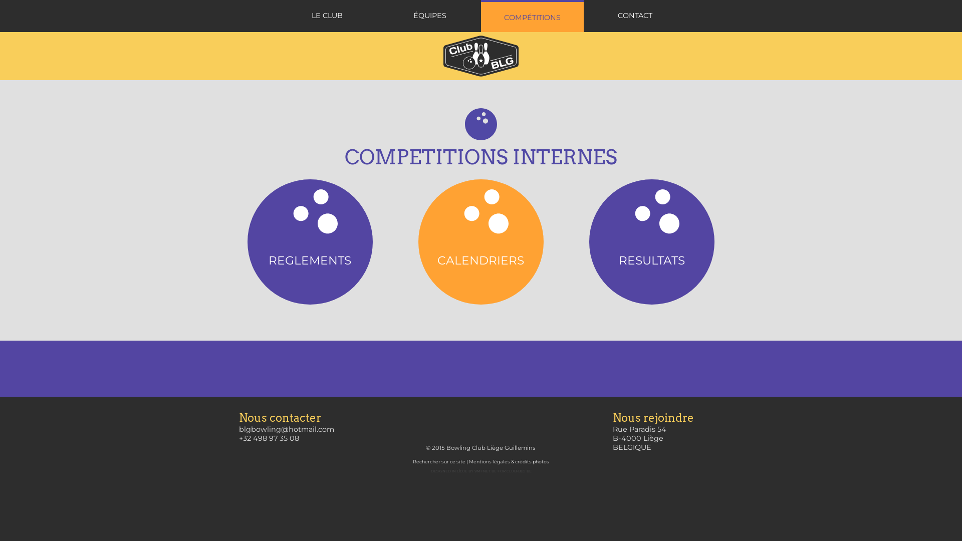 The image size is (962, 541). What do you see at coordinates (327, 16) in the screenshot?
I see `'LE CLUB'` at bounding box center [327, 16].